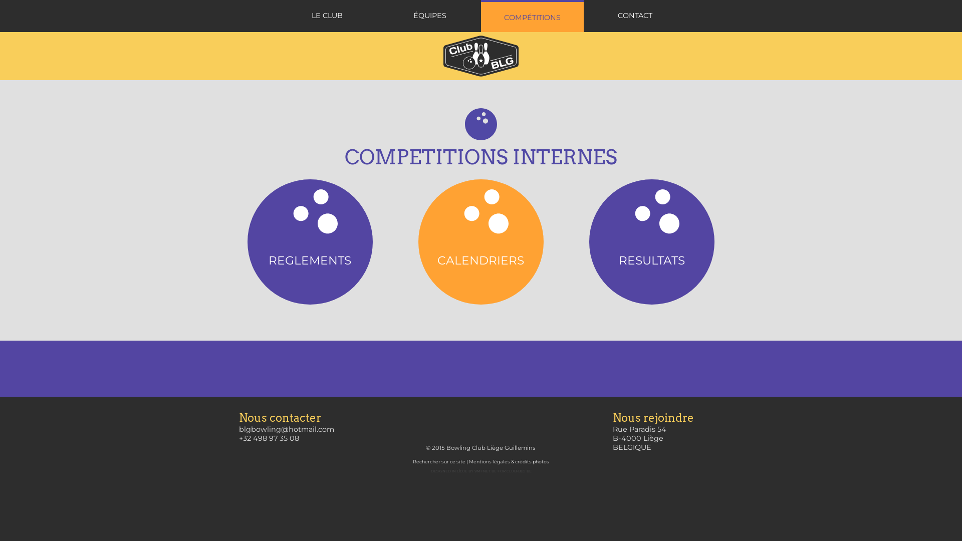 The image size is (962, 541). What do you see at coordinates (327, 16) in the screenshot?
I see `'LE CLUB'` at bounding box center [327, 16].